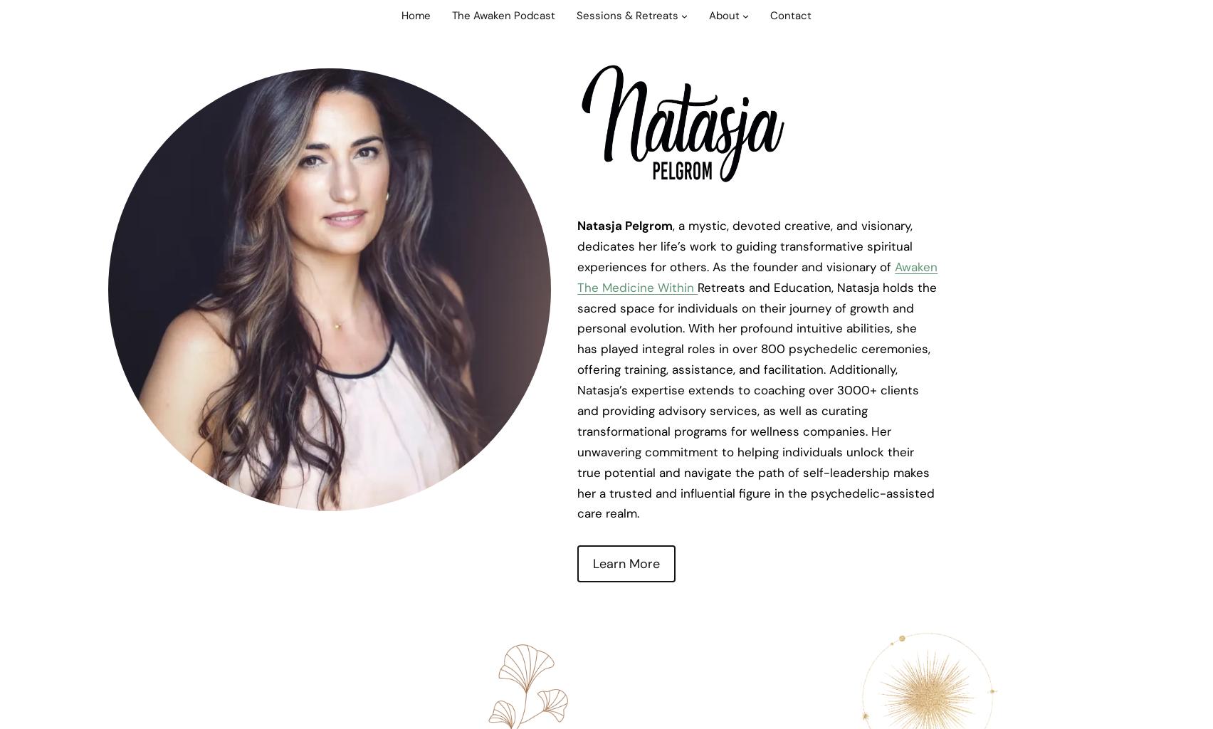 This screenshot has height=729, width=1213. I want to click on 'Awaken The Medicine Within', so click(757, 276).